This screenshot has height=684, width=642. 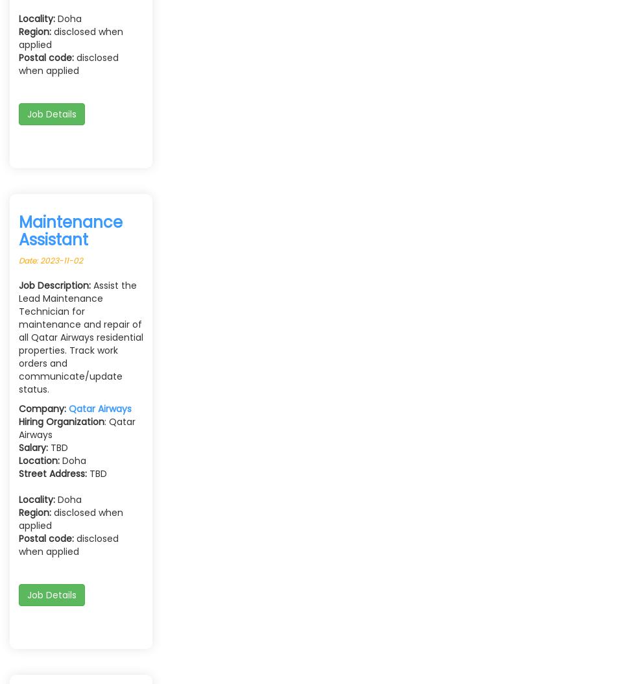 I want to click on 'Company:', so click(x=18, y=408).